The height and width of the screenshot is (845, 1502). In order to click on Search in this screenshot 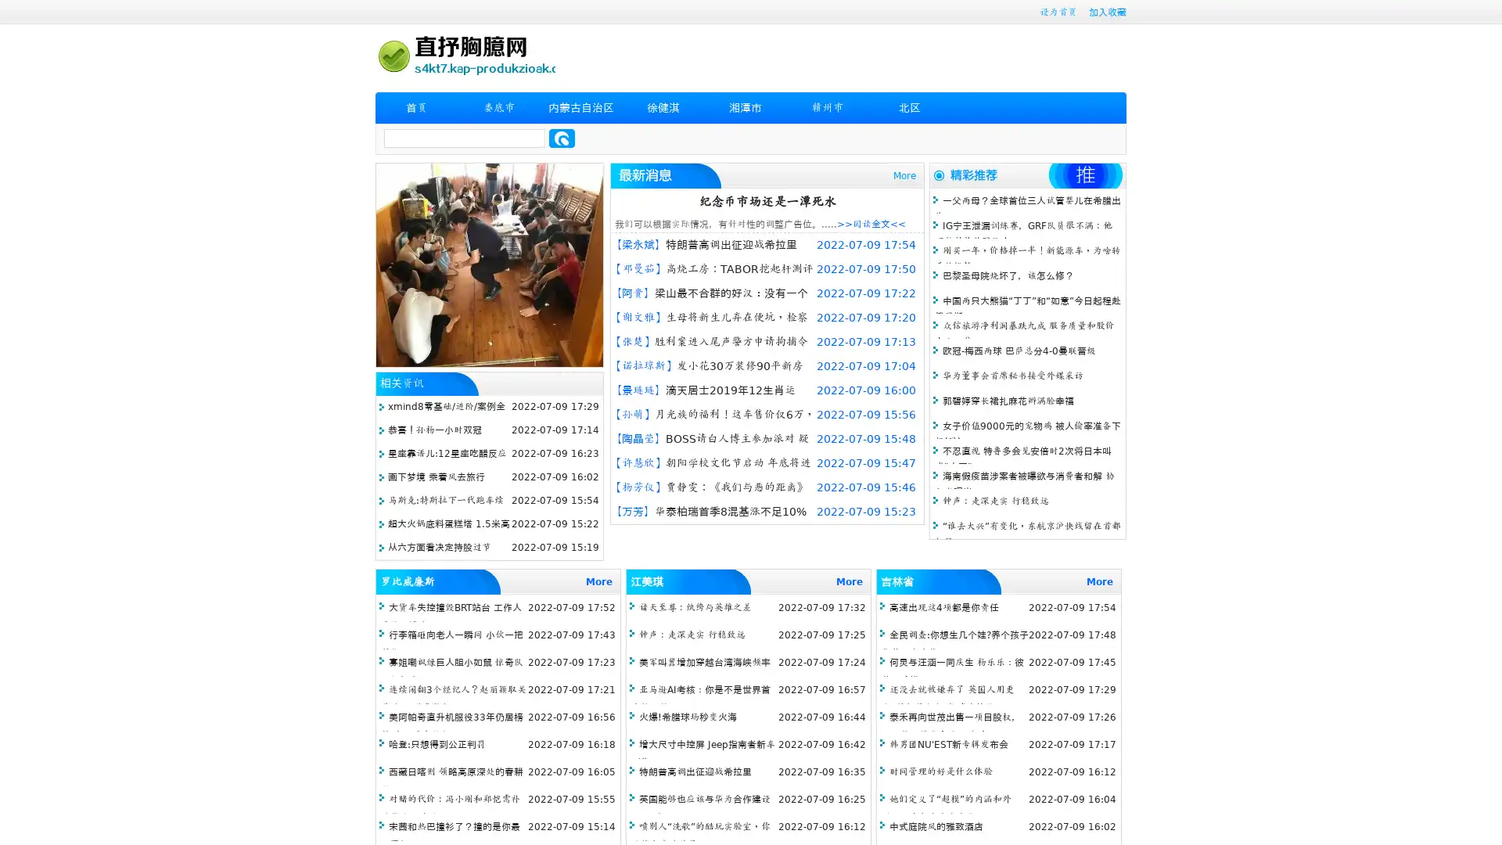, I will do `click(562, 138)`.